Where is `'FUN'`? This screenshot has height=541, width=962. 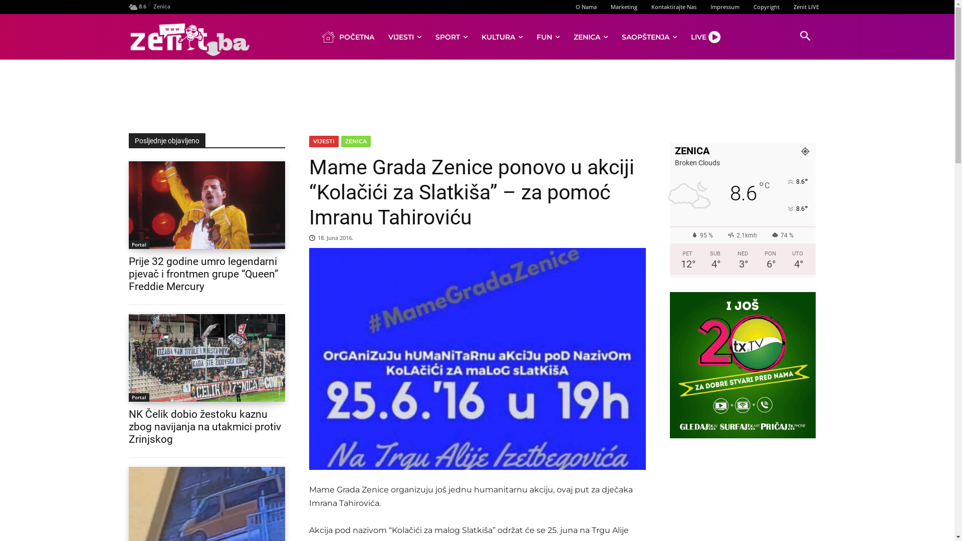
'FUN' is located at coordinates (548, 36).